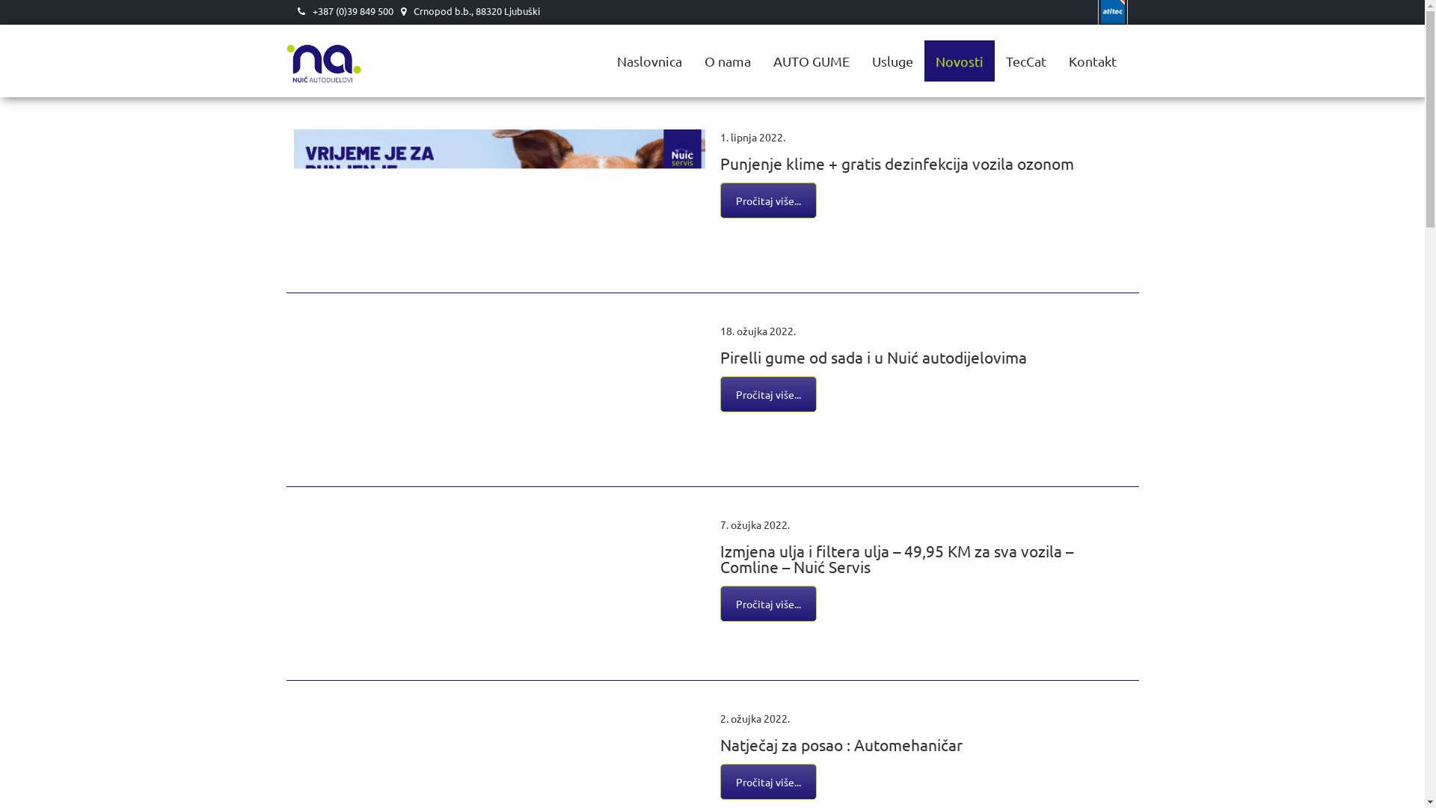 The image size is (1436, 808). Describe the element at coordinates (860, 60) in the screenshot. I see `'Usluge'` at that location.